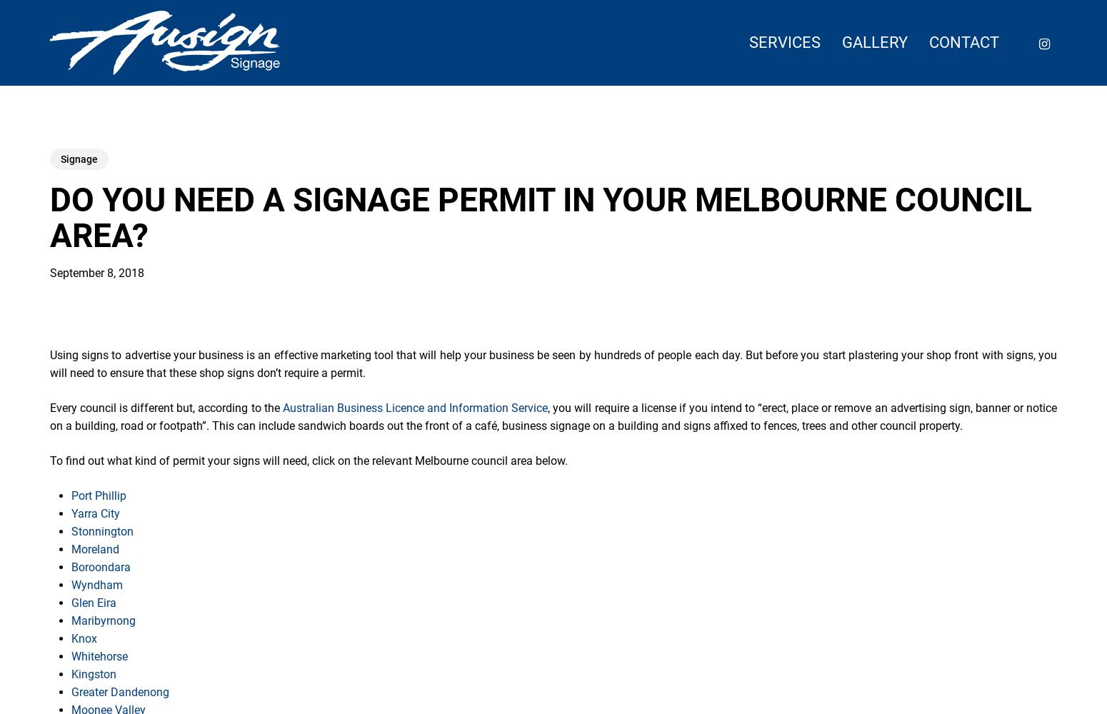 This screenshot has width=1107, height=714. I want to click on 'Stonnington', so click(102, 531).